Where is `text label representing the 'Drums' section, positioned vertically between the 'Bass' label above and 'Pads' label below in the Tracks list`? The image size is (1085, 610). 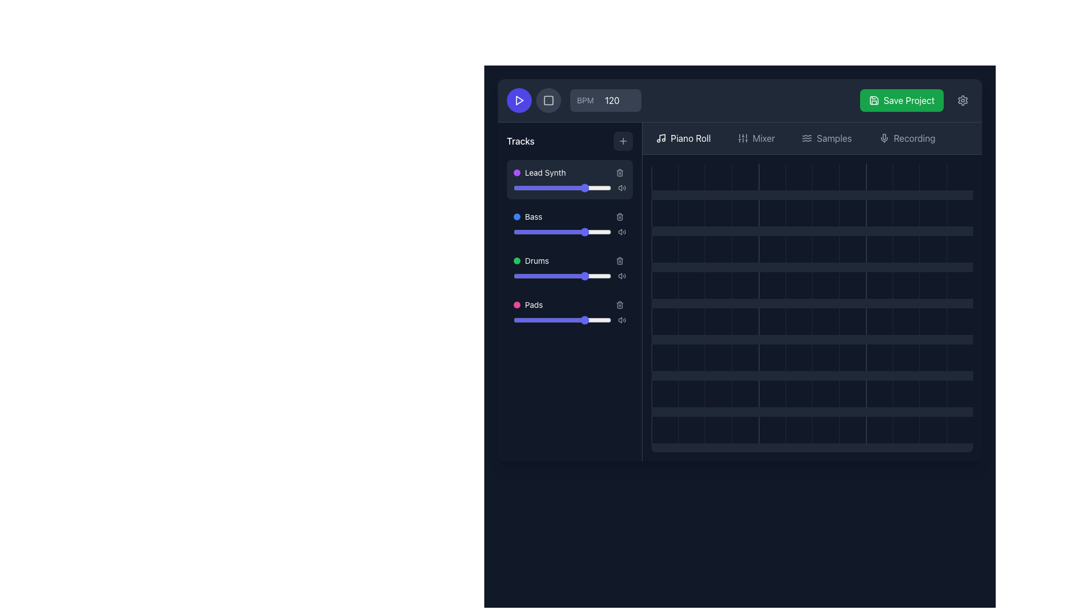
text label representing the 'Drums' section, positioned vertically between the 'Bass' label above and 'Pads' label below in the Tracks list is located at coordinates (536, 261).